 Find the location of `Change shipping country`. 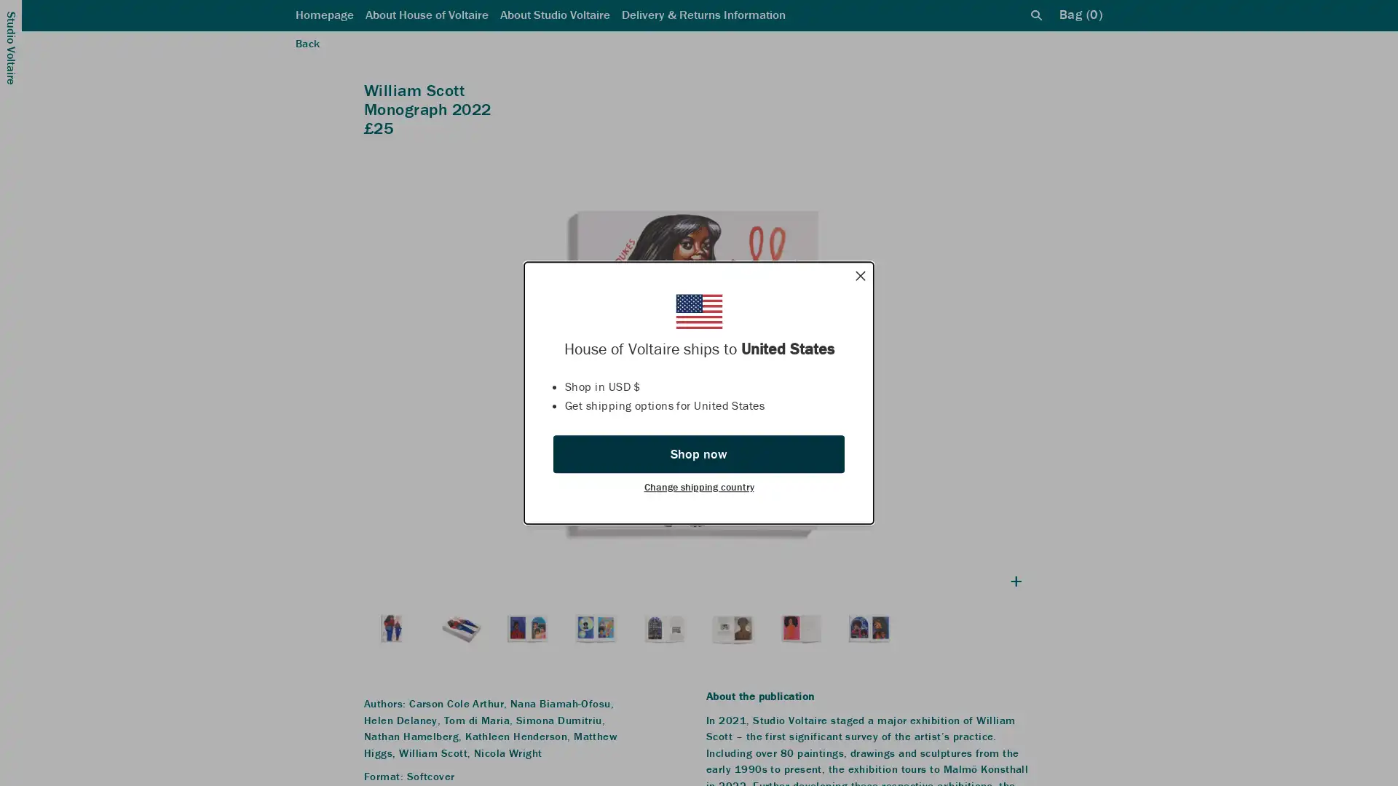

Change shipping country is located at coordinates (698, 487).